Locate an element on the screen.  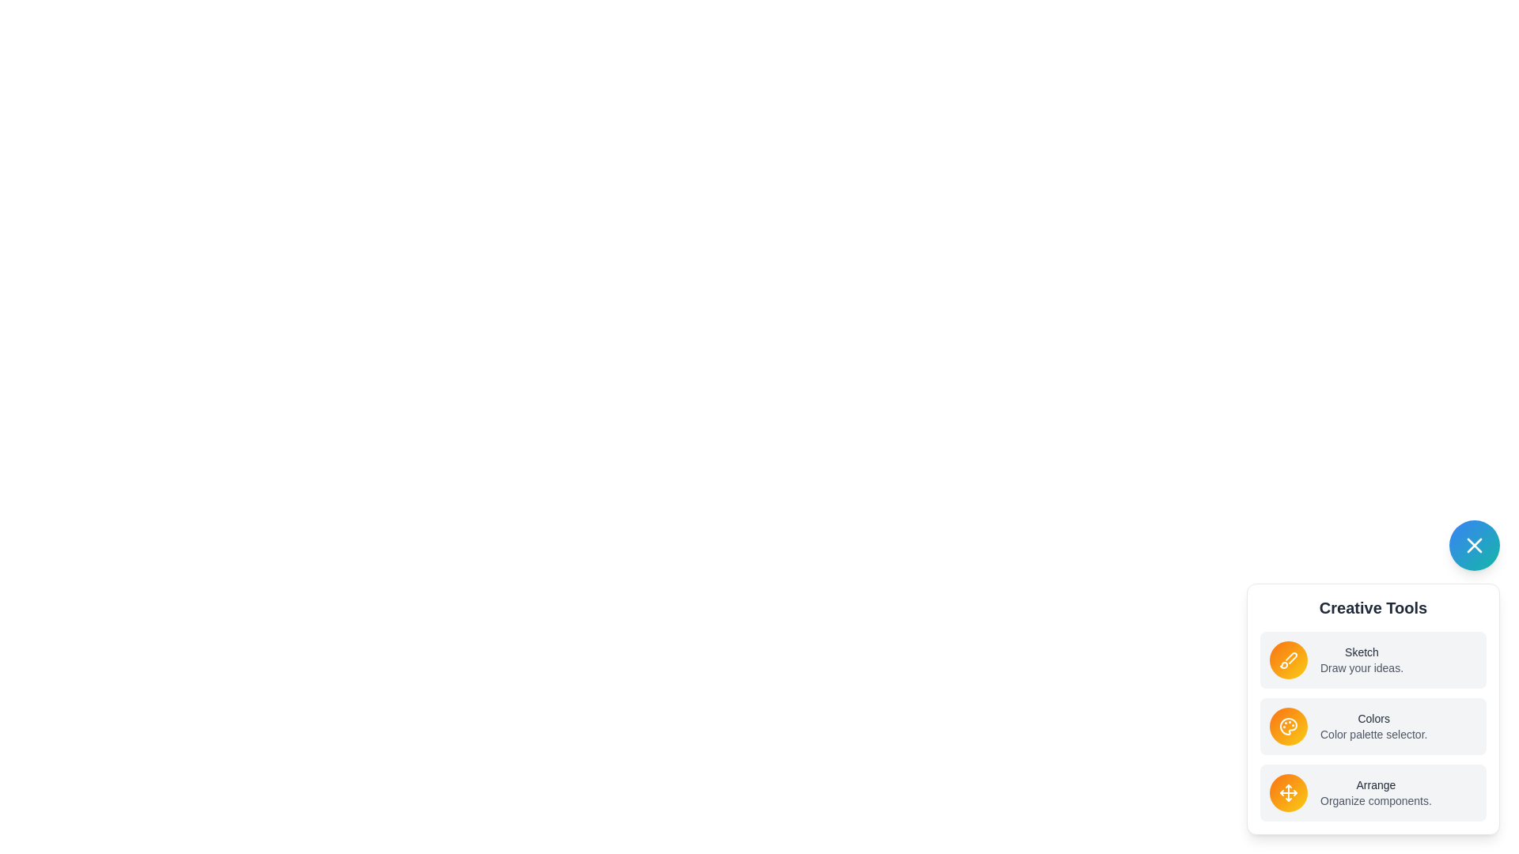
the Arrange icon to activate its functionality is located at coordinates (1288, 792).